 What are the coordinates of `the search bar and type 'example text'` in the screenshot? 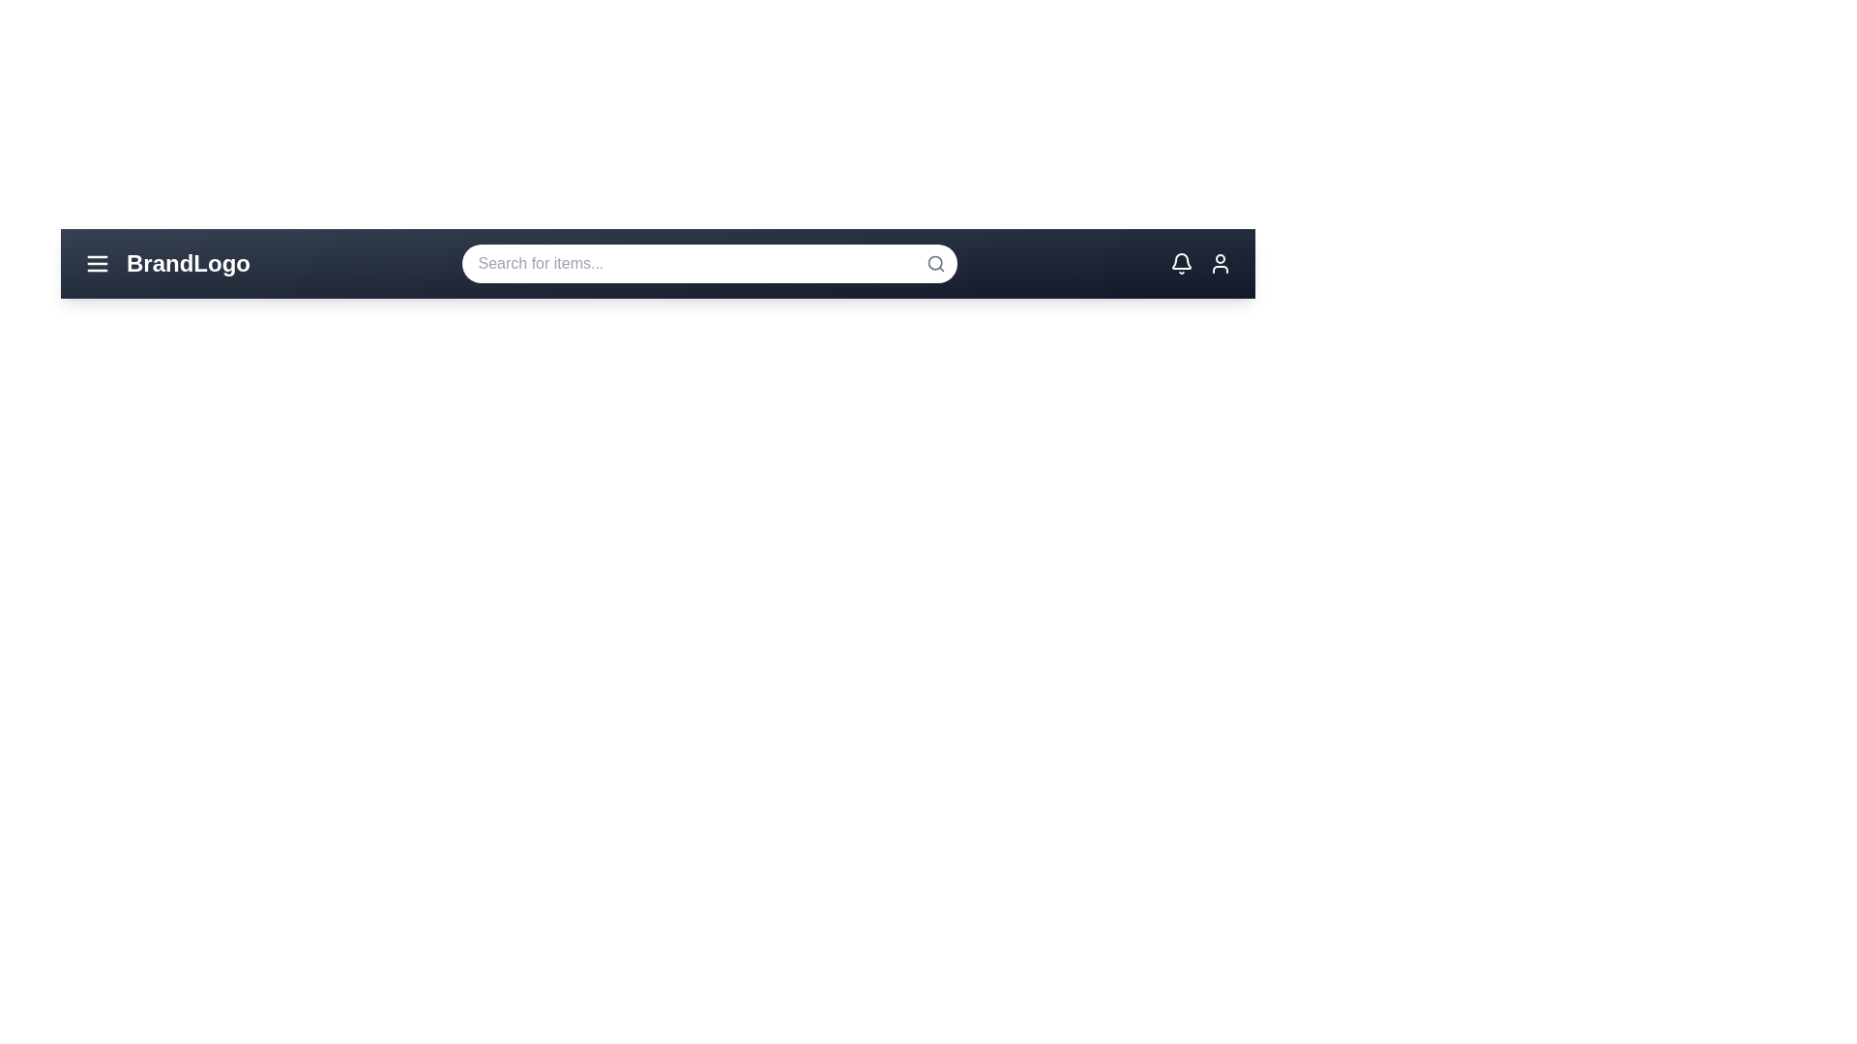 It's located at (709, 264).